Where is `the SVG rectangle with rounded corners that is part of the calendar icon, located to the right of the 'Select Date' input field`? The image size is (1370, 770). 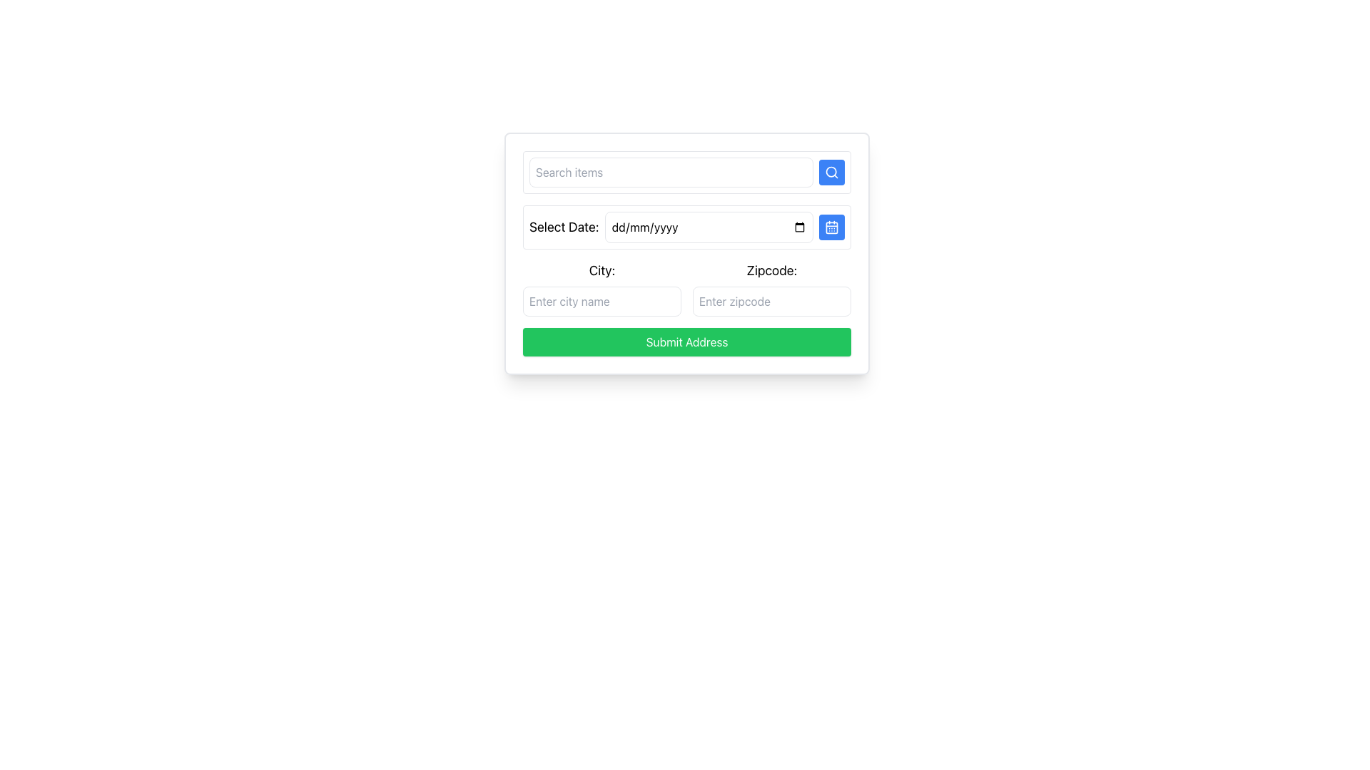 the SVG rectangle with rounded corners that is part of the calendar icon, located to the right of the 'Select Date' input field is located at coordinates (832, 227).